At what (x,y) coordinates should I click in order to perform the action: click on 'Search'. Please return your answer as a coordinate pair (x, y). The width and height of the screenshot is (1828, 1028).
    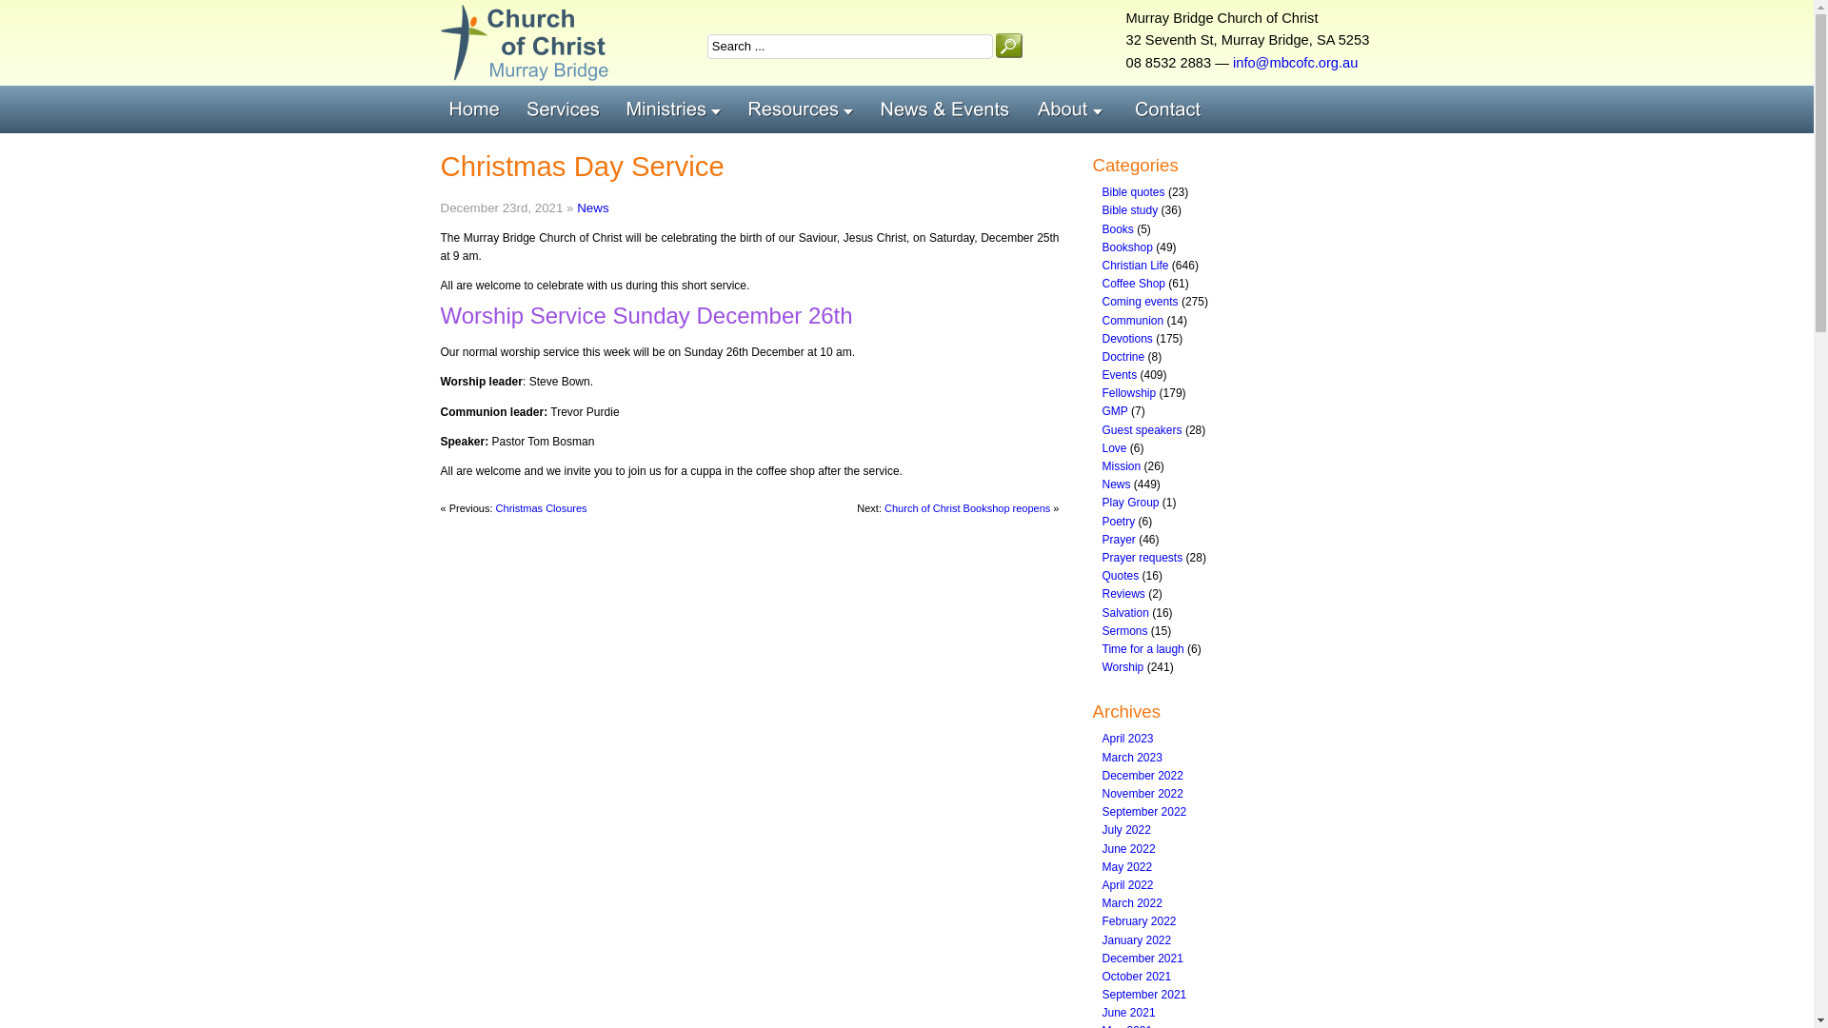
    Looking at the image, I should click on (995, 44).